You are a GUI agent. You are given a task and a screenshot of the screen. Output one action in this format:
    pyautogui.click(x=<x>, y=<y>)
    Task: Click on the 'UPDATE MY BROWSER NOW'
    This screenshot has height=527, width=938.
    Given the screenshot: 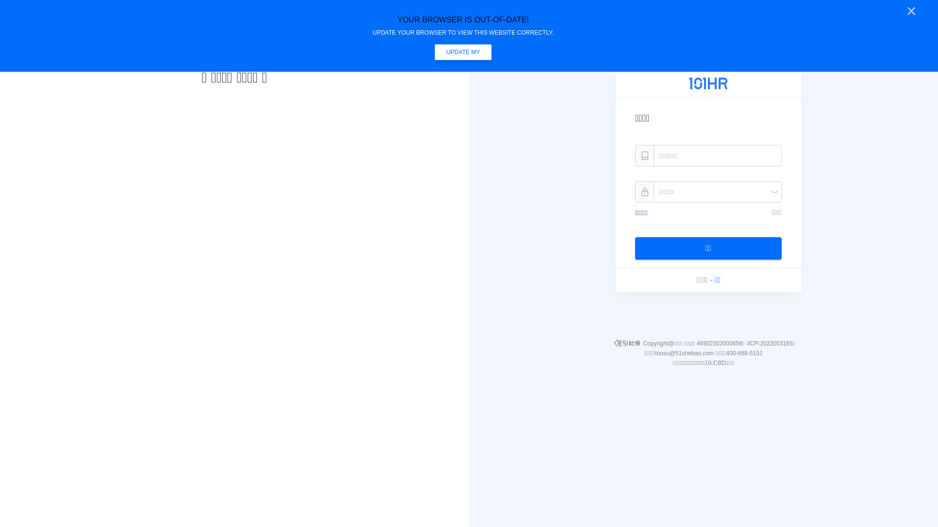 What is the action you would take?
    pyautogui.click(x=434, y=52)
    